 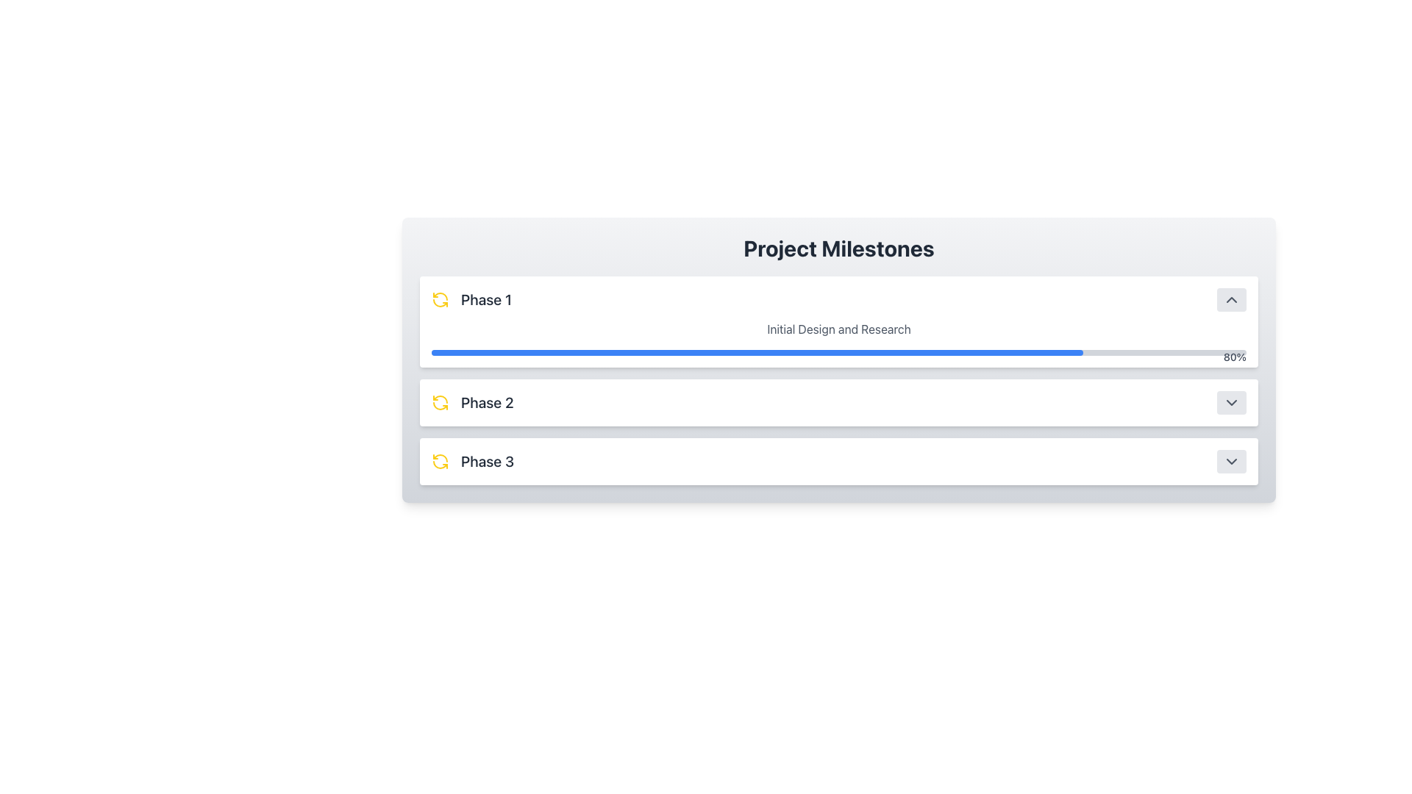 I want to click on the progress bar representing 'Initial Design and Research' which displays '80%' and is located in the first collapsible card labeled 'Phase 1', so click(x=839, y=337).